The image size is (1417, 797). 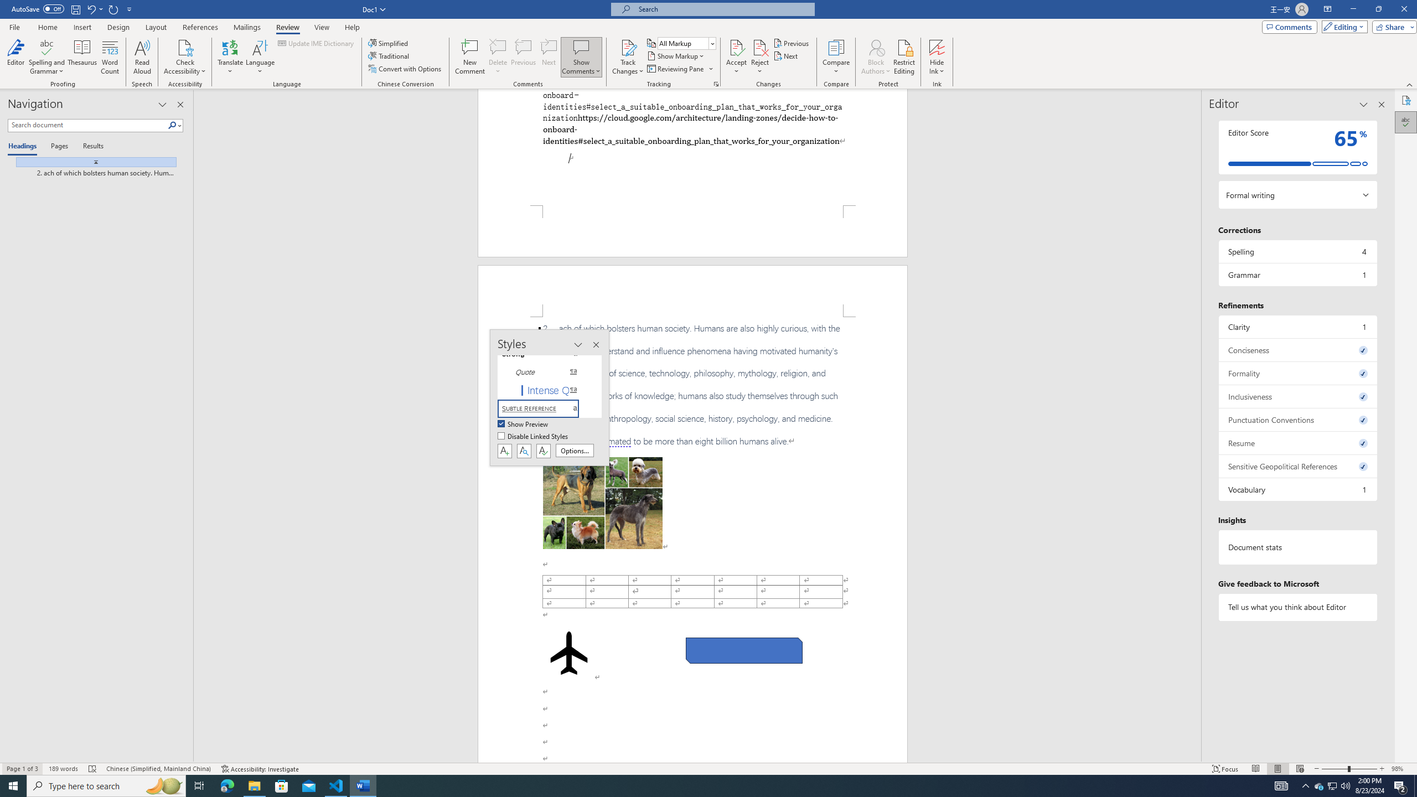 What do you see at coordinates (185, 46) in the screenshot?
I see `'Check Accessibility'` at bounding box center [185, 46].